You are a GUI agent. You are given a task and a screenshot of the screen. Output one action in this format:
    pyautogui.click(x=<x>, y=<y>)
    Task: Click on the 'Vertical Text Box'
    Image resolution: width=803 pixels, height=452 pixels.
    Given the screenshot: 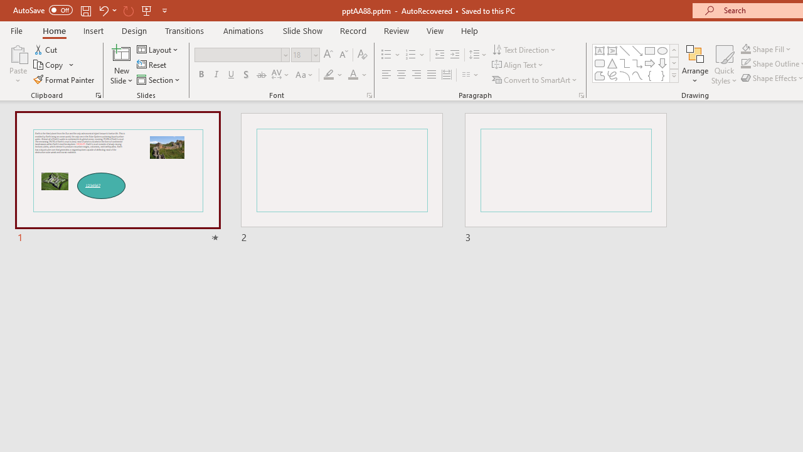 What is the action you would take?
    pyautogui.click(x=612, y=50)
    